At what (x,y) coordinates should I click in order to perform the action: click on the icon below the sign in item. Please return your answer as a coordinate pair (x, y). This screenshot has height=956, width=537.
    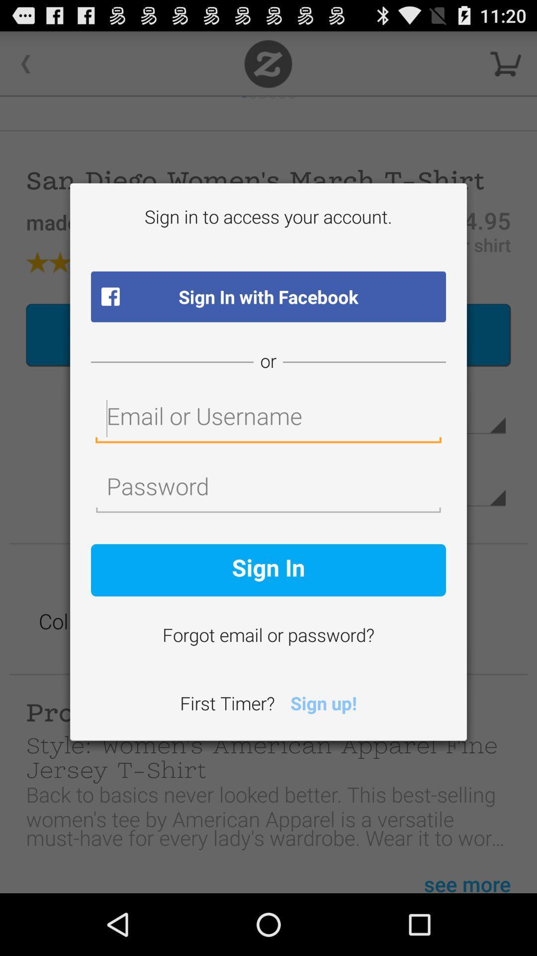
    Looking at the image, I should click on (268, 636).